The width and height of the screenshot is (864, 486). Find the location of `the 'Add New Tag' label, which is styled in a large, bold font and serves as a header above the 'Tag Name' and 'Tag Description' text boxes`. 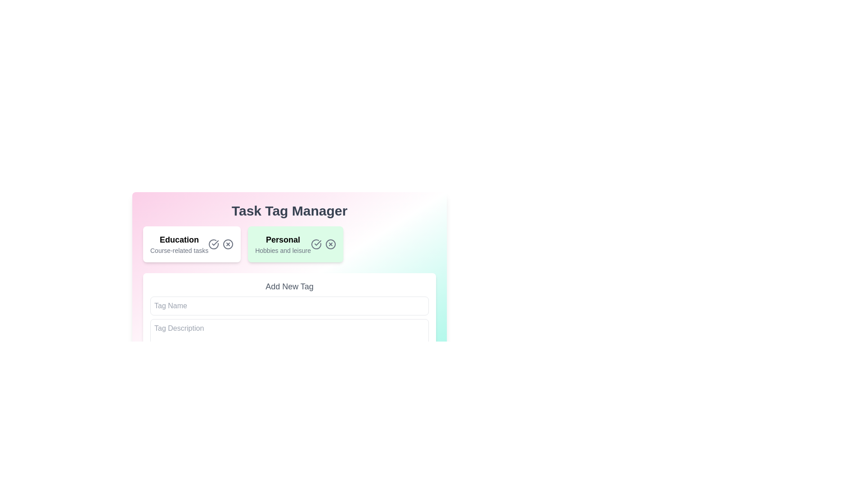

the 'Add New Tag' label, which is styled in a large, bold font and serves as a header above the 'Tag Name' and 'Tag Description' text boxes is located at coordinates (289, 286).